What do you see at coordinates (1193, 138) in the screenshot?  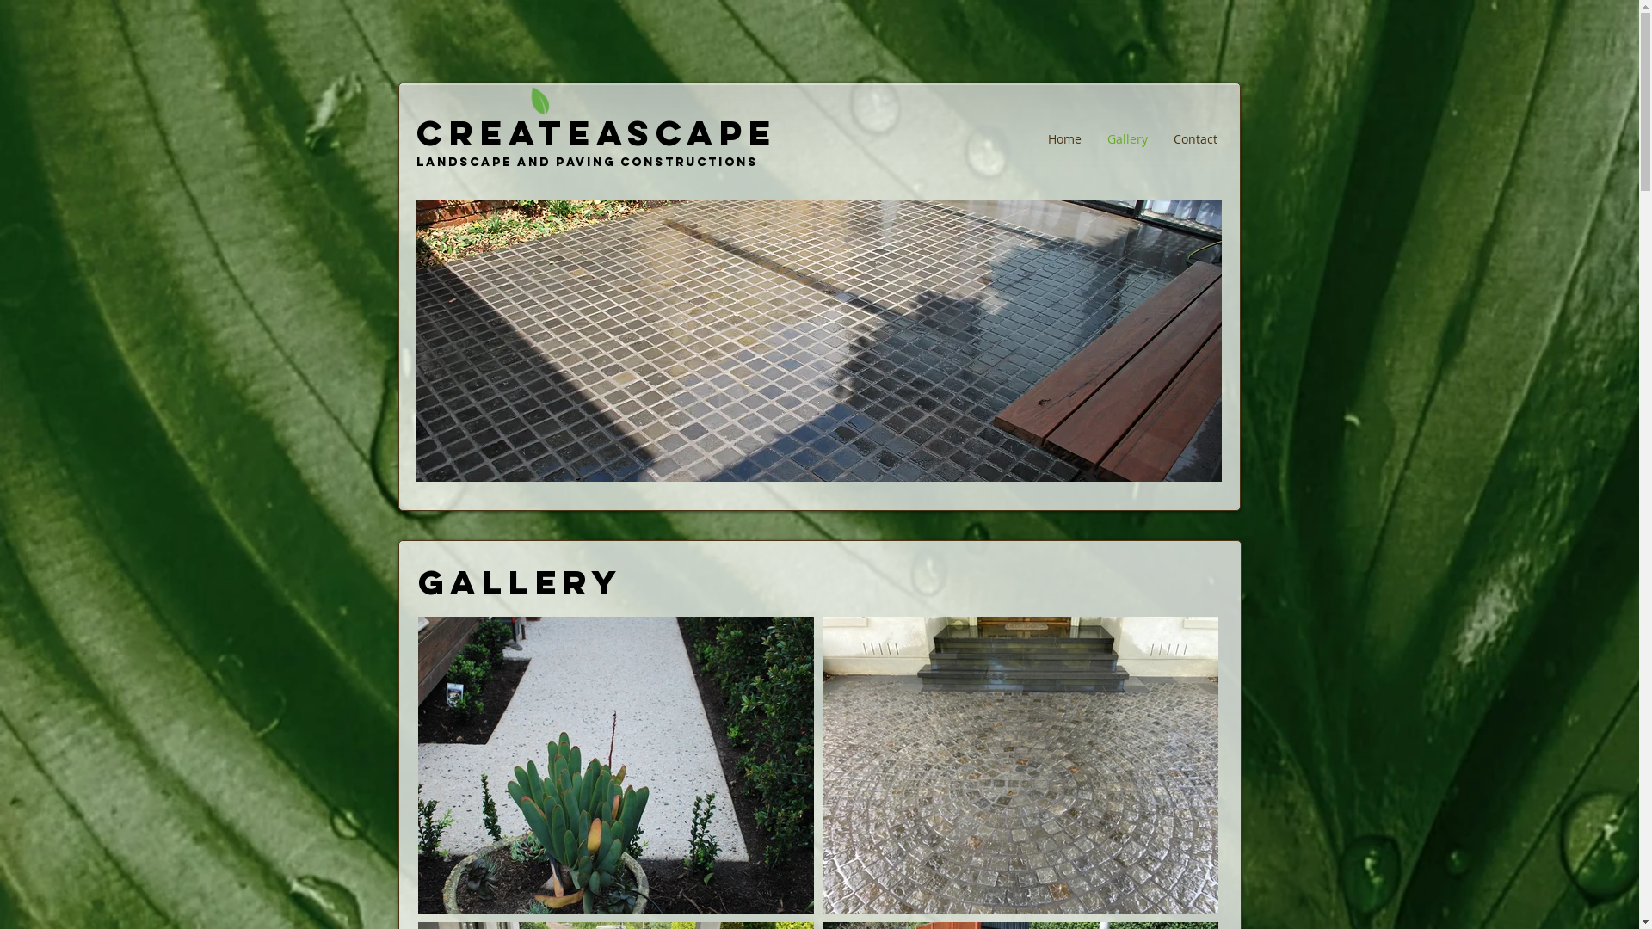 I see `'Contact'` at bounding box center [1193, 138].